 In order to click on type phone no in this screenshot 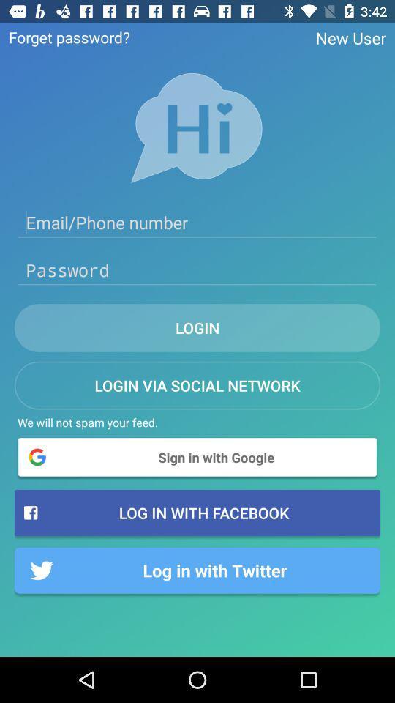, I will do `click(197, 223)`.